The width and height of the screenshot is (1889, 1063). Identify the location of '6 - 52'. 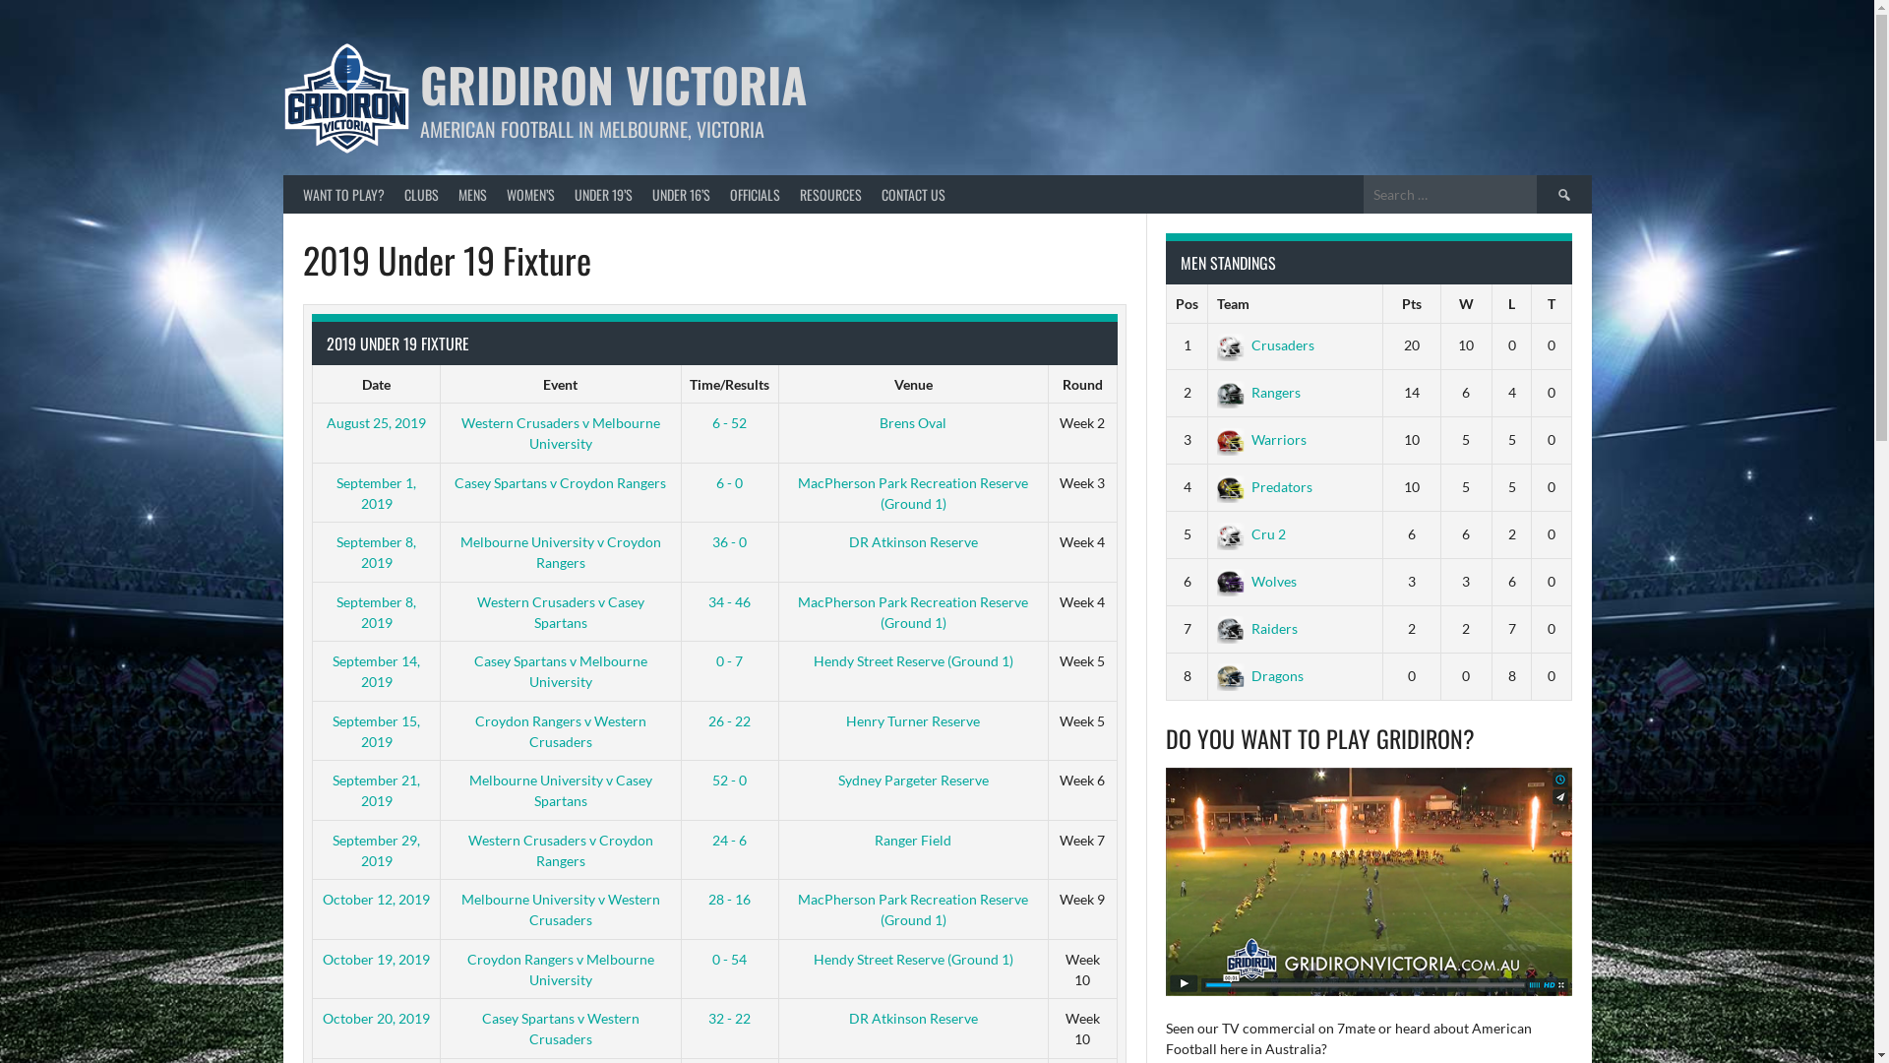
(728, 421).